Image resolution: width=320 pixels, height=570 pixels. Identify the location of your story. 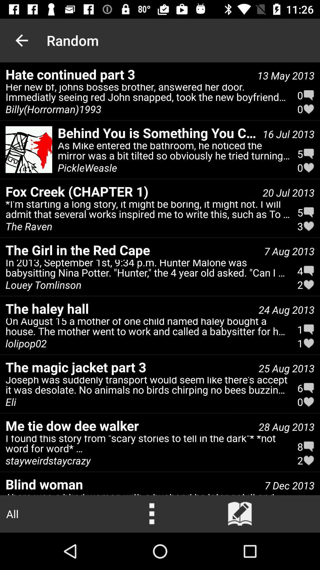
(240, 514).